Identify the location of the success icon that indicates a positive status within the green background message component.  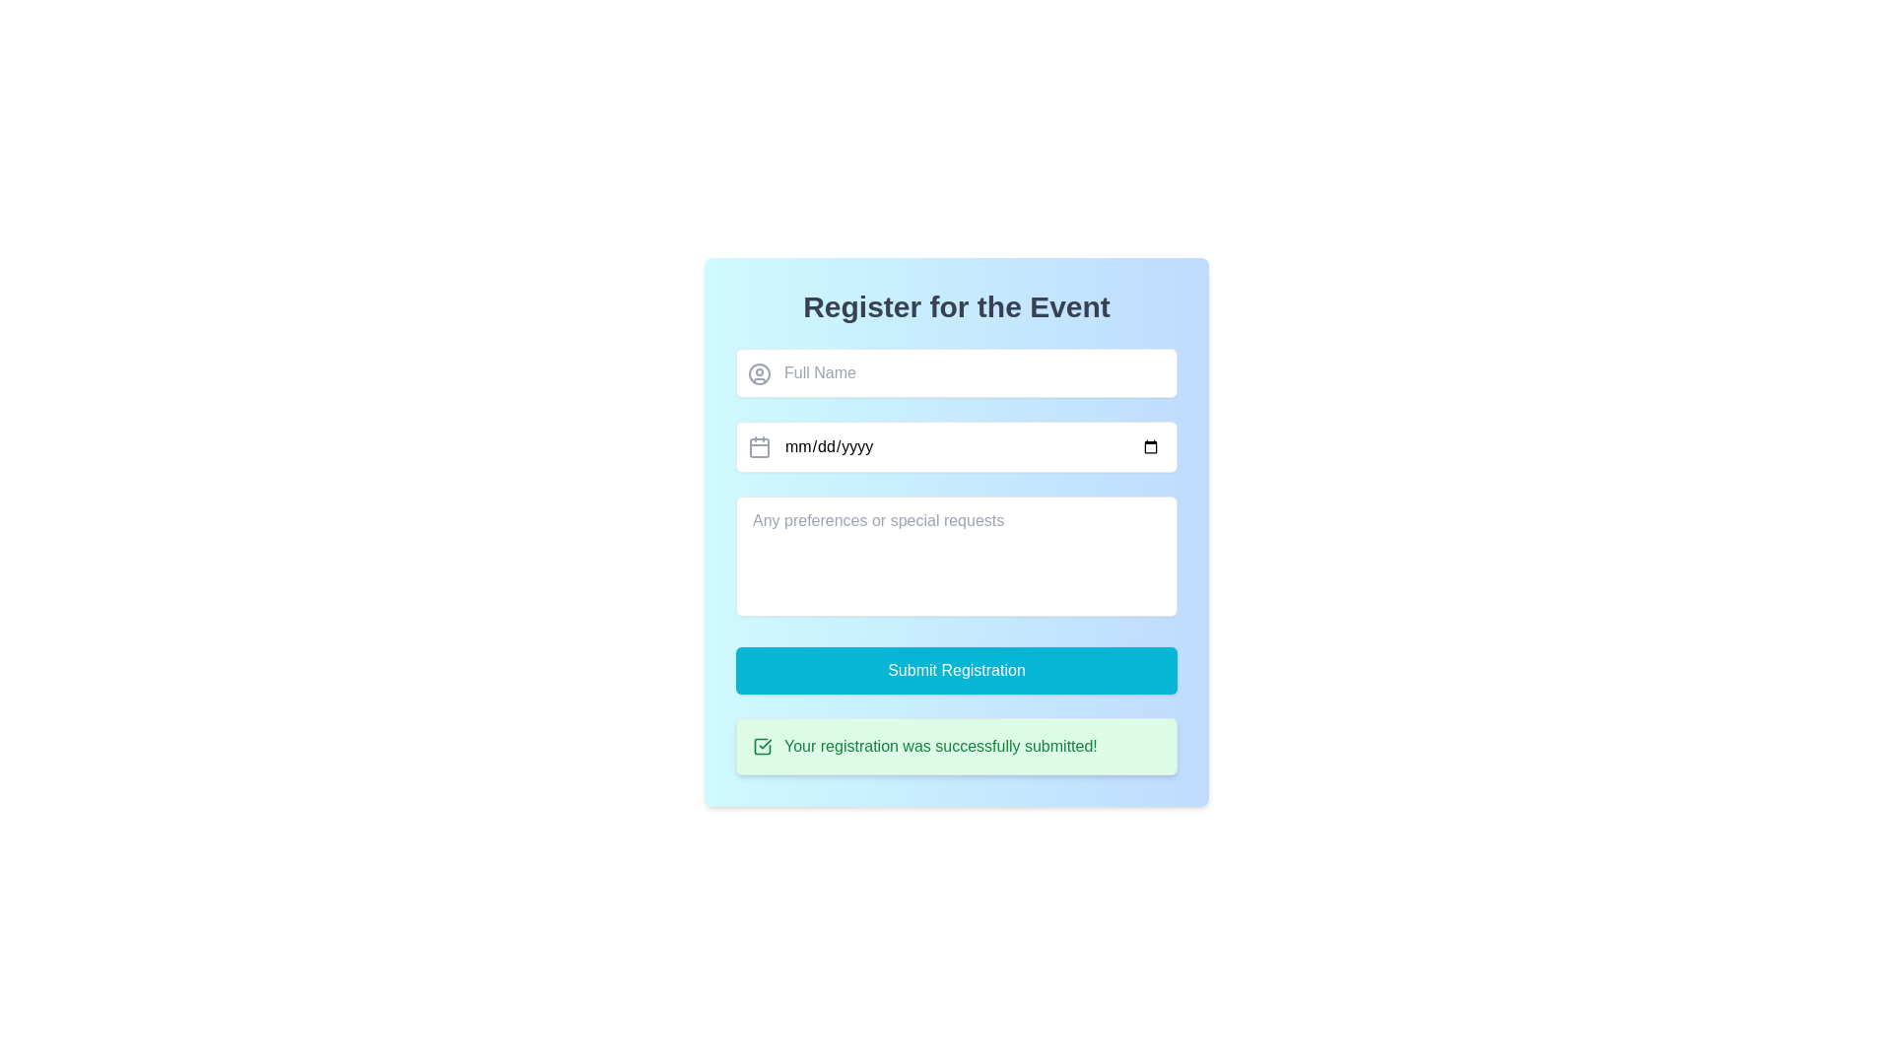
(761, 747).